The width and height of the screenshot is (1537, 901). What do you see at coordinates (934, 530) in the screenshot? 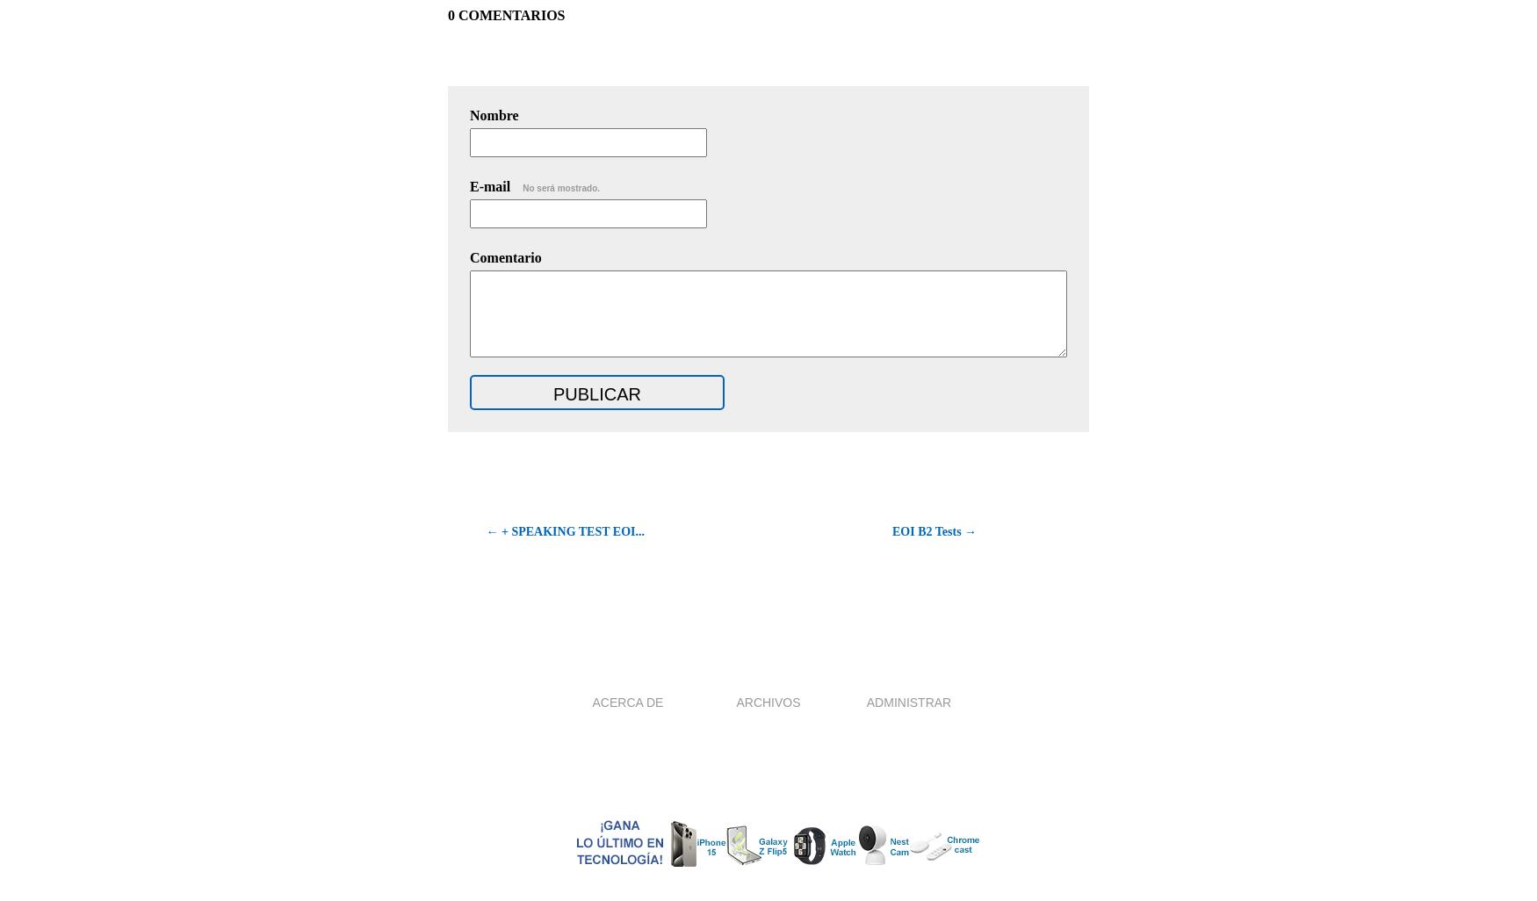
I see `'EOI B2 Tests →'` at bounding box center [934, 530].